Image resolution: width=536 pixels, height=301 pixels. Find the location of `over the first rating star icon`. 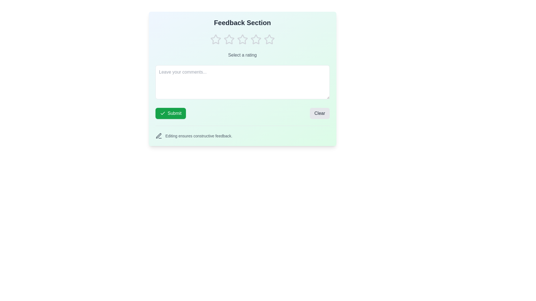

over the first rating star icon is located at coordinates (215, 39).